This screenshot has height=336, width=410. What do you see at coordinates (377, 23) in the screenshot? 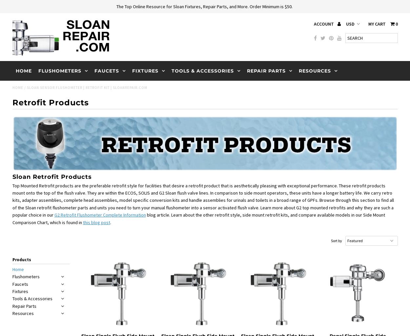
I see `'My Cart'` at bounding box center [377, 23].